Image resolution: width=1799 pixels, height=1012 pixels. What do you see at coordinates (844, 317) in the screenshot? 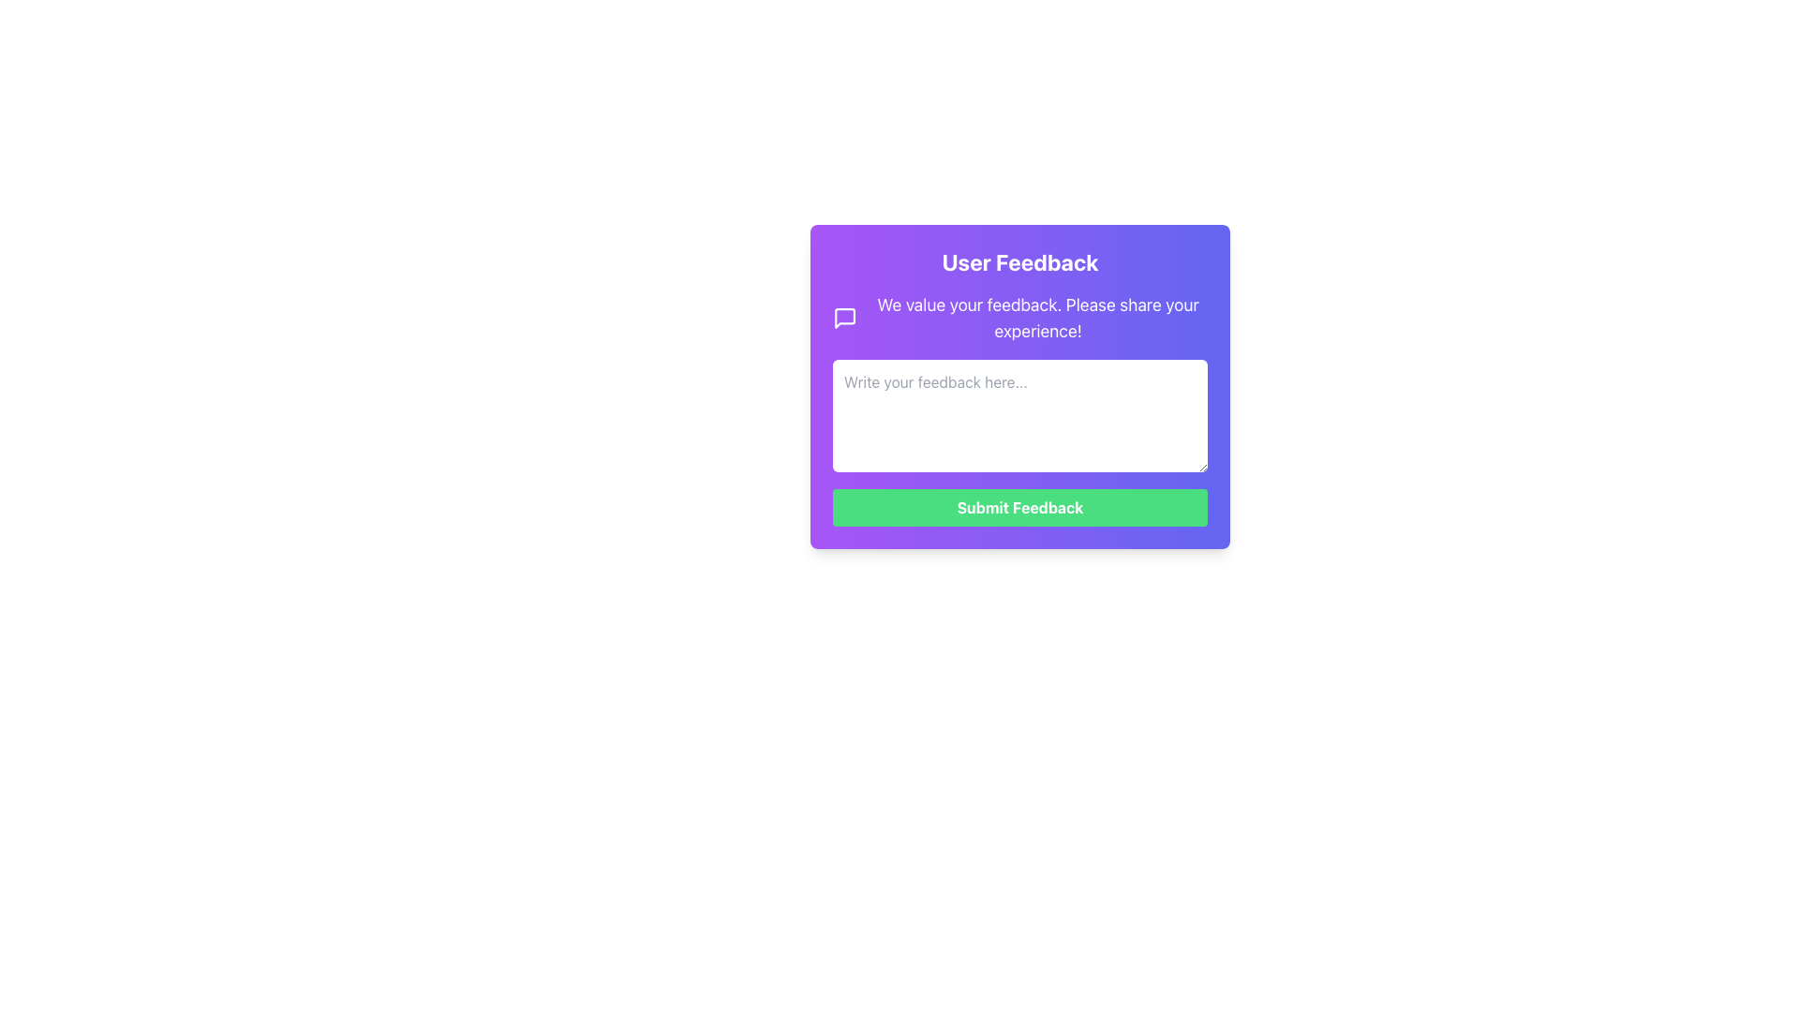
I see `the feedback icon located above the feedback text input area and to the left of descriptive text, which serves as a decorative symbol for communication` at bounding box center [844, 317].